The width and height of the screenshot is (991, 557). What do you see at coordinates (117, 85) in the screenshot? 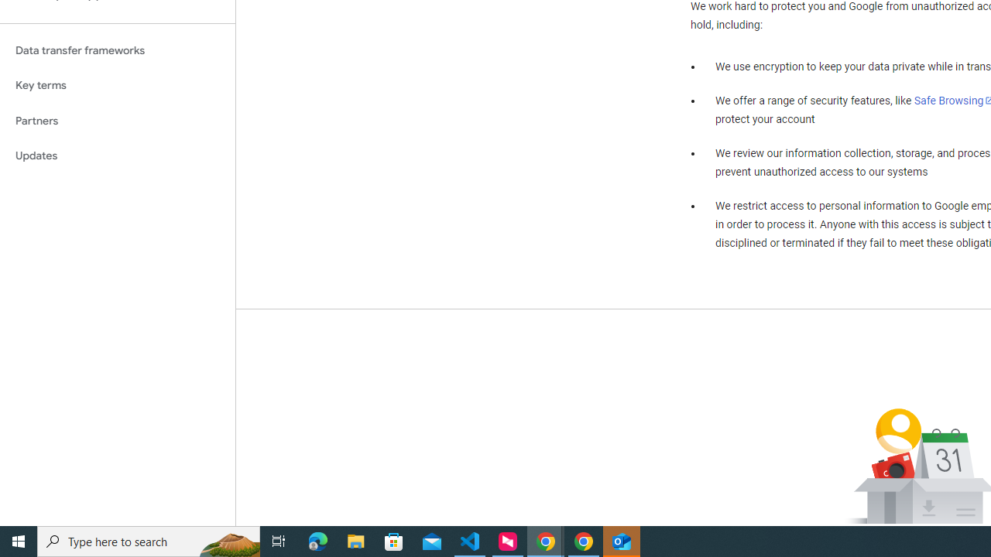
I see `'Key terms'` at bounding box center [117, 85].